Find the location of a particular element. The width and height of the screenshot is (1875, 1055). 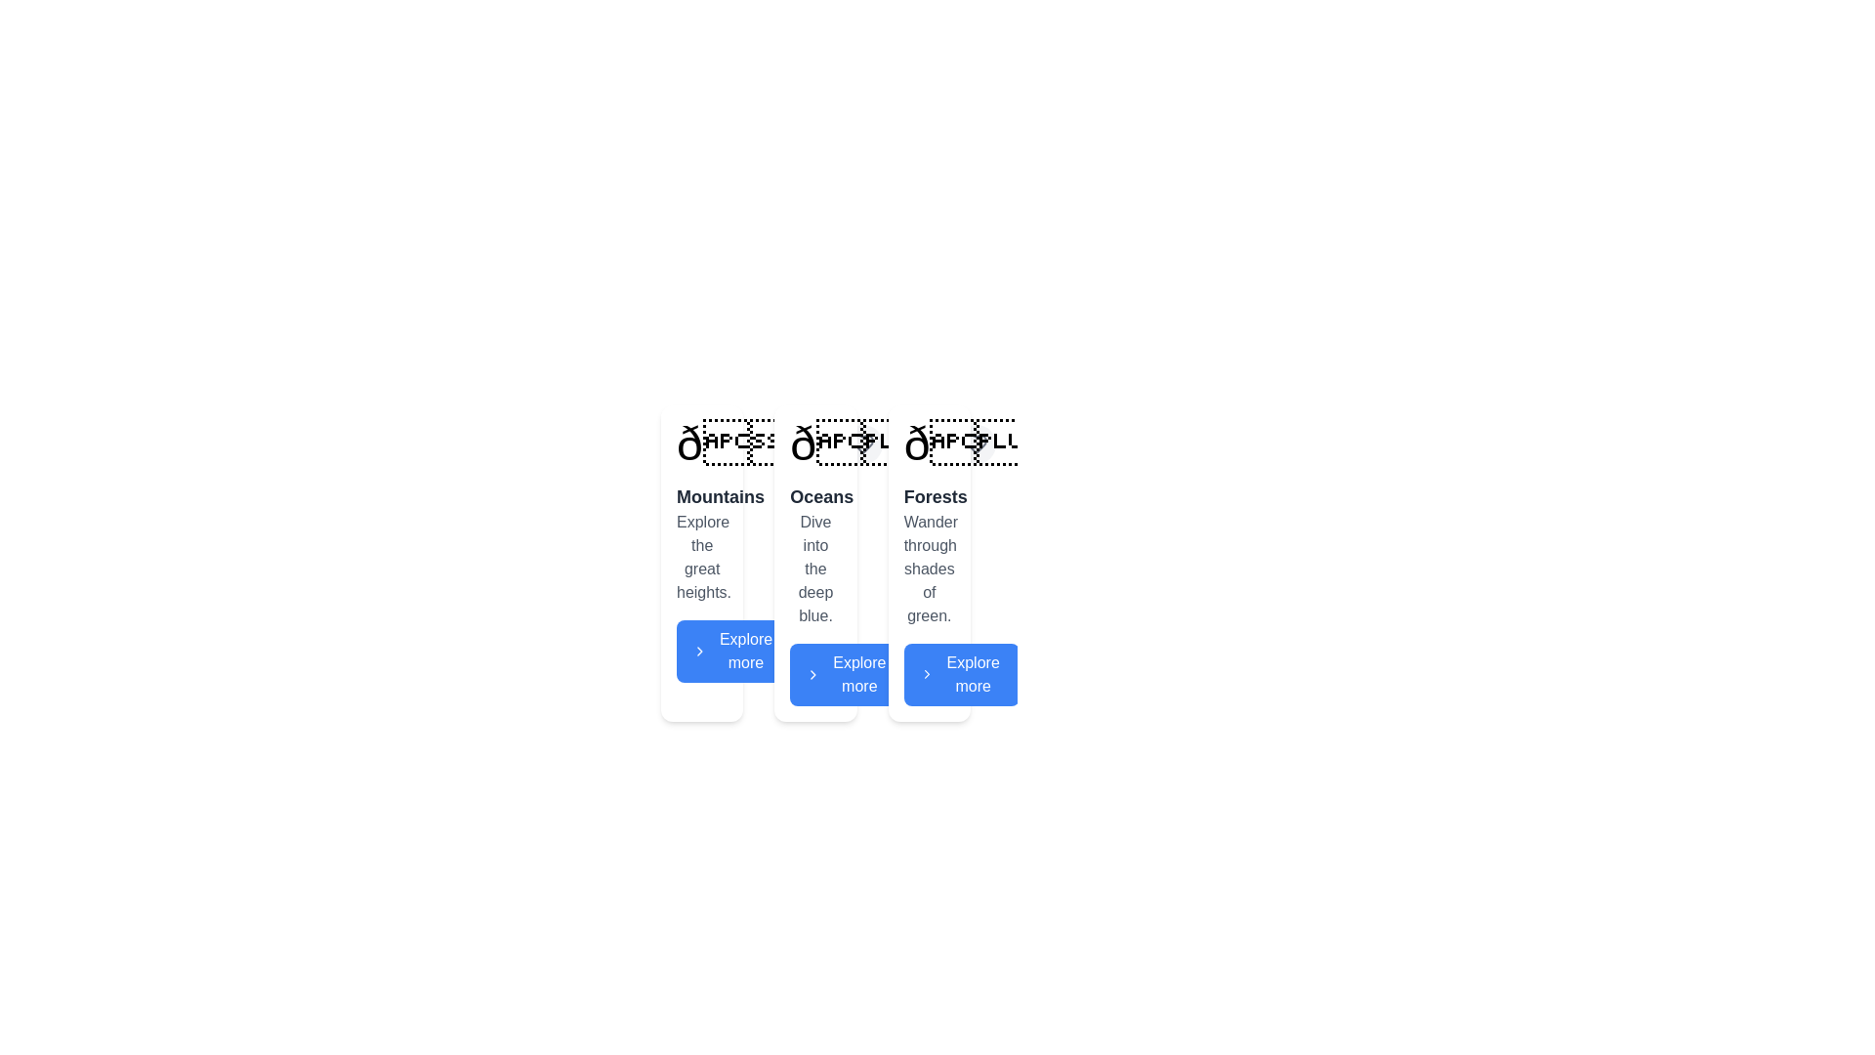

the graphical icon representing the 'Forests' theme, which is a stylized celestial body icon prominently displayed at the top center of the third column in a three-card layout is located at coordinates (971, 444).